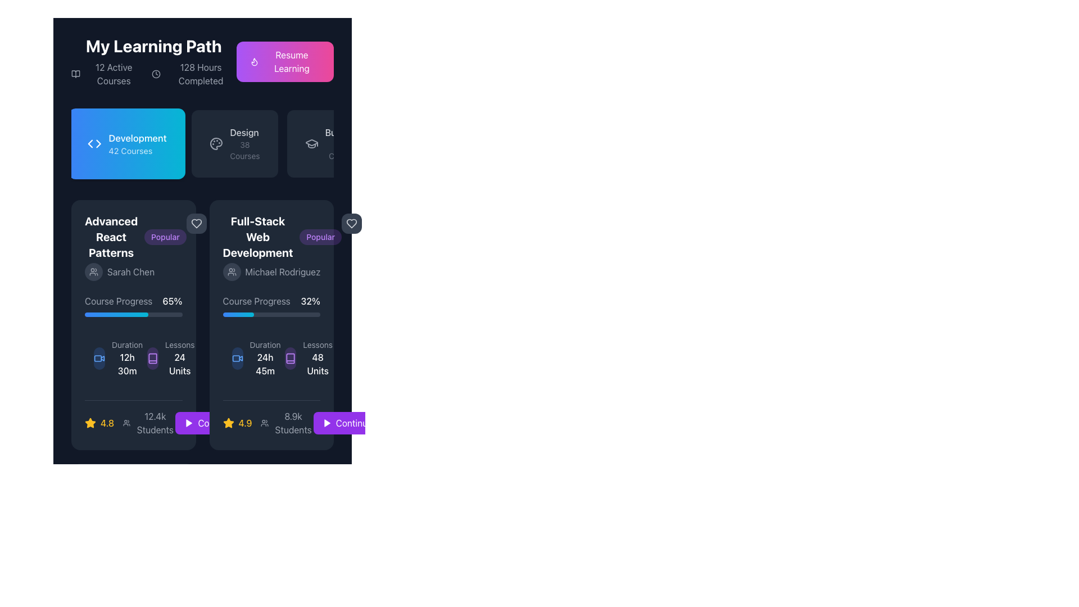 The height and width of the screenshot is (607, 1079). Describe the element at coordinates (327, 423) in the screenshot. I see `the triangular play icon, which is styled in purple and located within the 'Continue' button of the 'Full-Stack Web Development' card` at that location.